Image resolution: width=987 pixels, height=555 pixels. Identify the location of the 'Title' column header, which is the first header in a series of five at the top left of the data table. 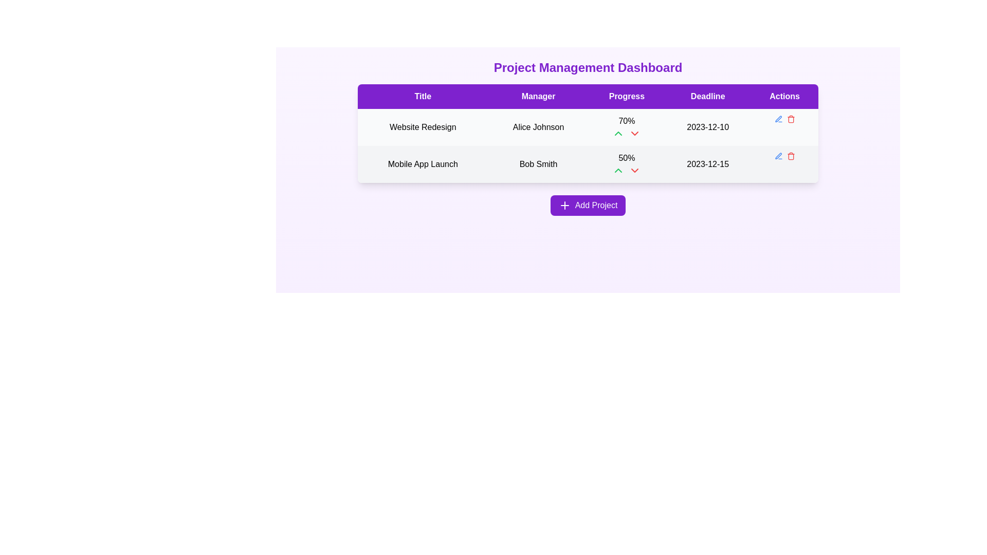
(423, 97).